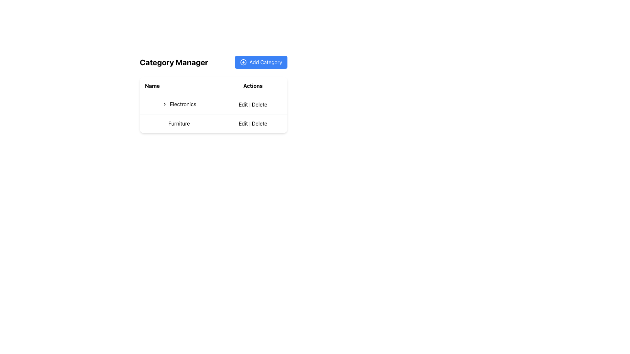  What do you see at coordinates (243, 62) in the screenshot?
I see `the circular '+' icon located to the left of the 'Add Category' button to observe the hover effects` at bounding box center [243, 62].